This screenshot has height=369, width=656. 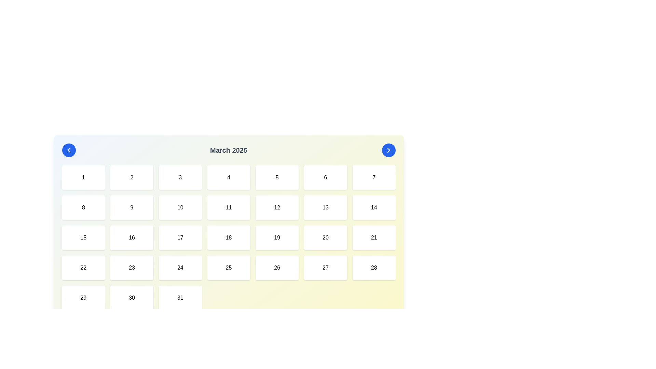 I want to click on the Interactive calendar day box representing the day '19' in March 2025, so click(x=277, y=237).